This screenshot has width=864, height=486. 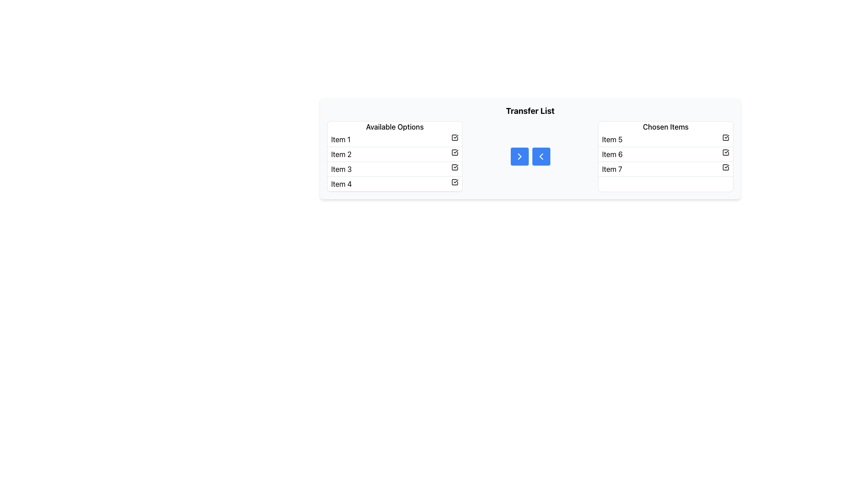 I want to click on the checkbox icon with a checkmark inside, located on the right side of the entry labeled 'Item 7' in the 'Chosen Items' list, so click(x=725, y=167).